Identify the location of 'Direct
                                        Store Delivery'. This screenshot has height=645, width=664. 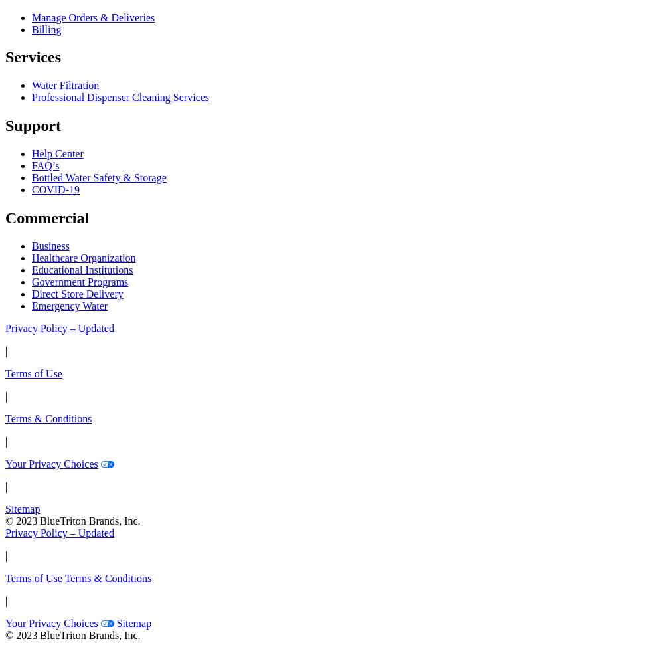
(76, 293).